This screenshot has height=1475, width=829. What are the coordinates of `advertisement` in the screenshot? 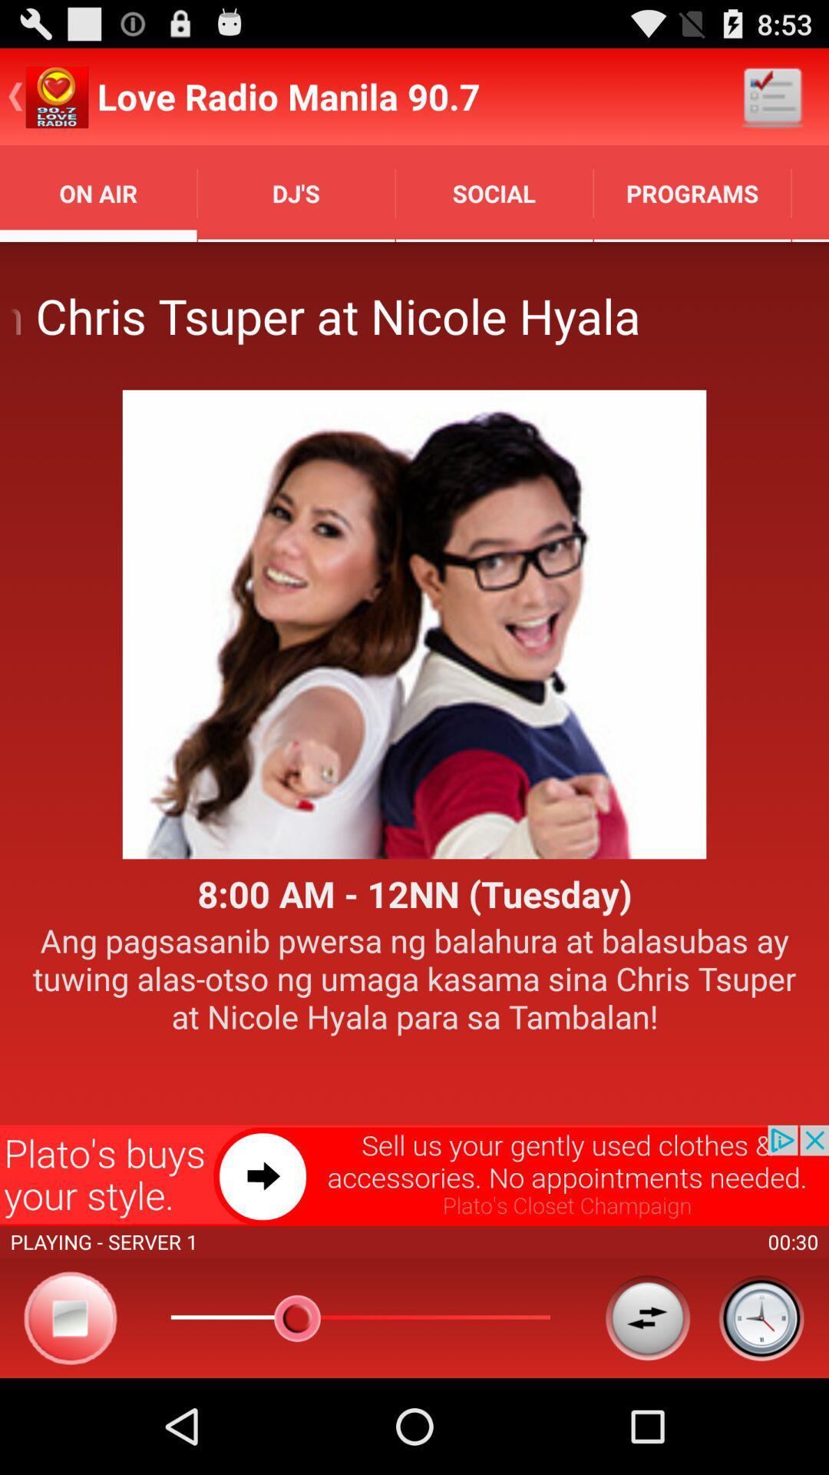 It's located at (414, 1175).